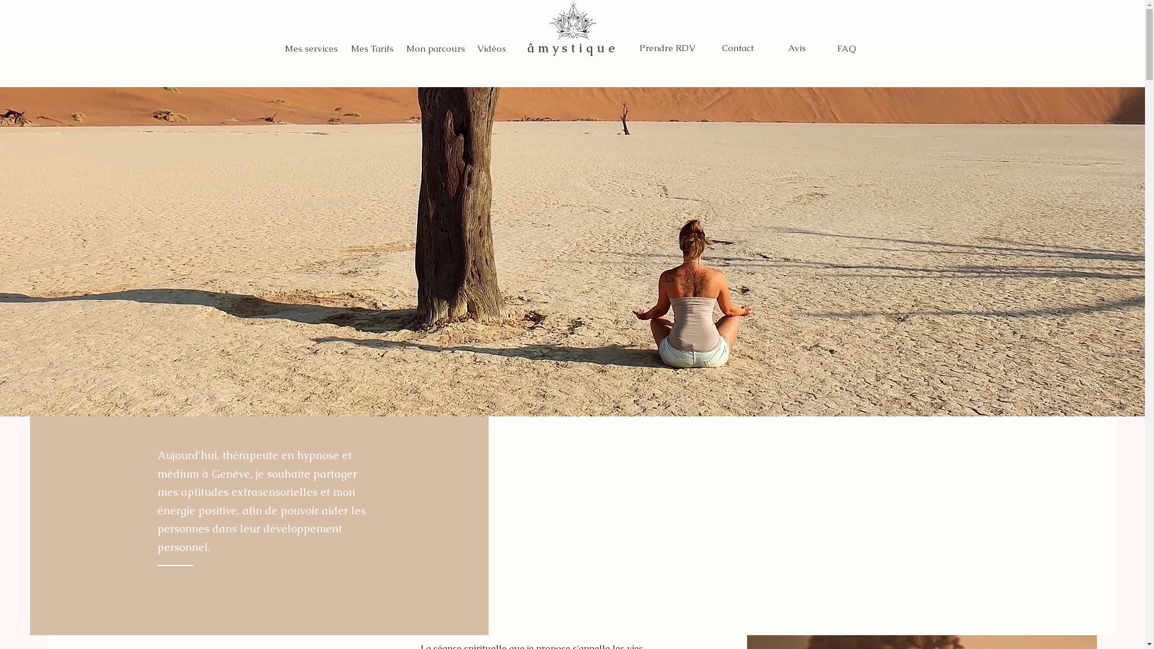 This screenshot has height=649, width=1154. Describe the element at coordinates (736, 47) in the screenshot. I see `'Contact'` at that location.